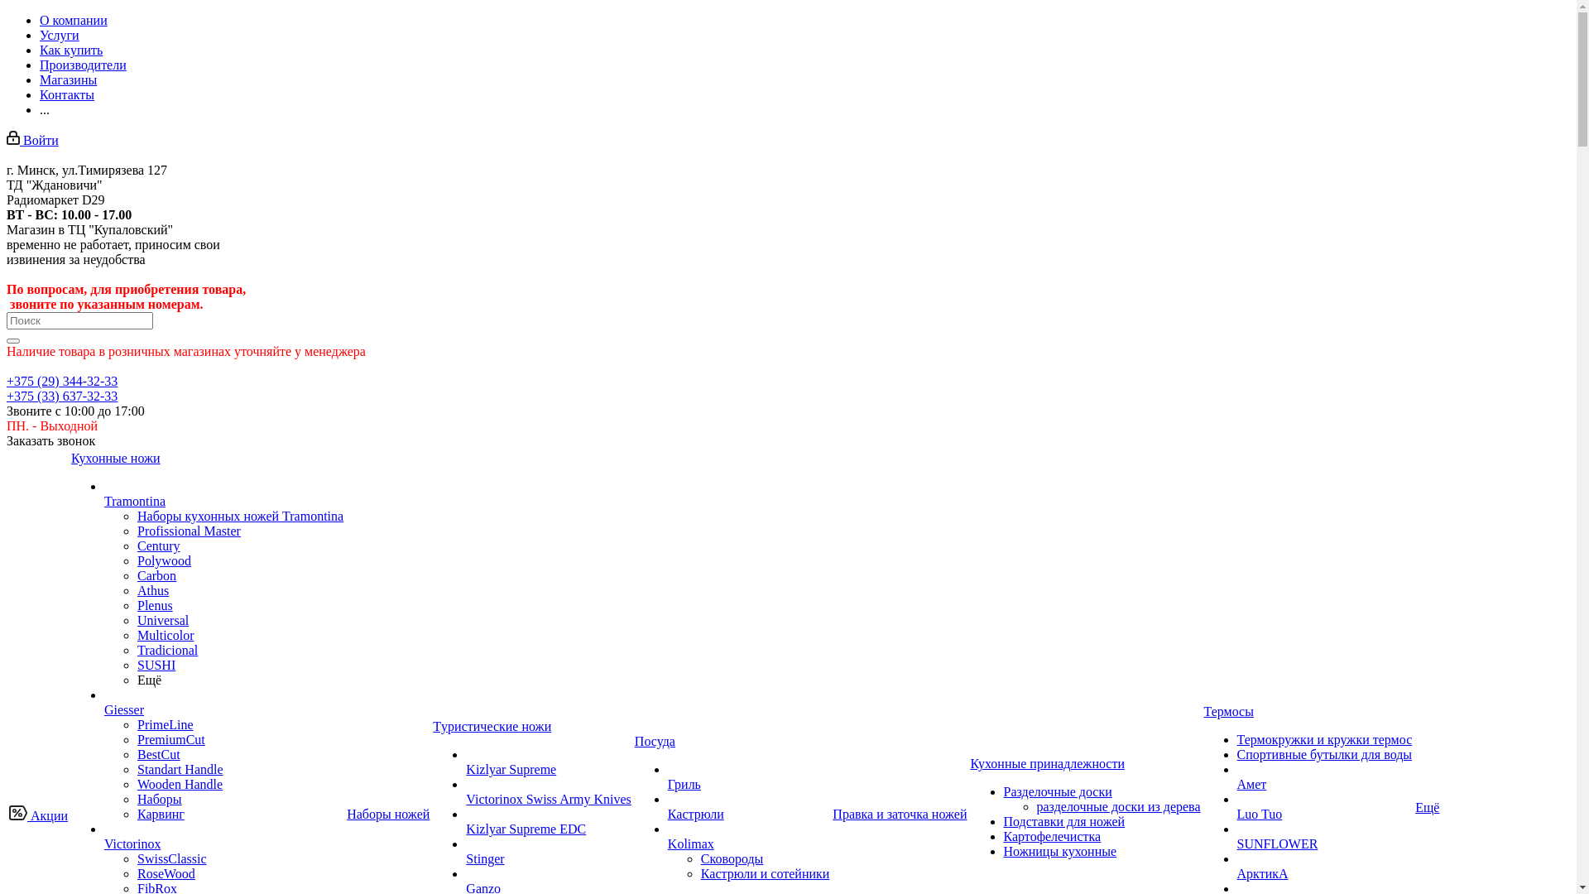 The image size is (1589, 894). Describe the element at coordinates (483, 858) in the screenshot. I see `'Stinger'` at that location.